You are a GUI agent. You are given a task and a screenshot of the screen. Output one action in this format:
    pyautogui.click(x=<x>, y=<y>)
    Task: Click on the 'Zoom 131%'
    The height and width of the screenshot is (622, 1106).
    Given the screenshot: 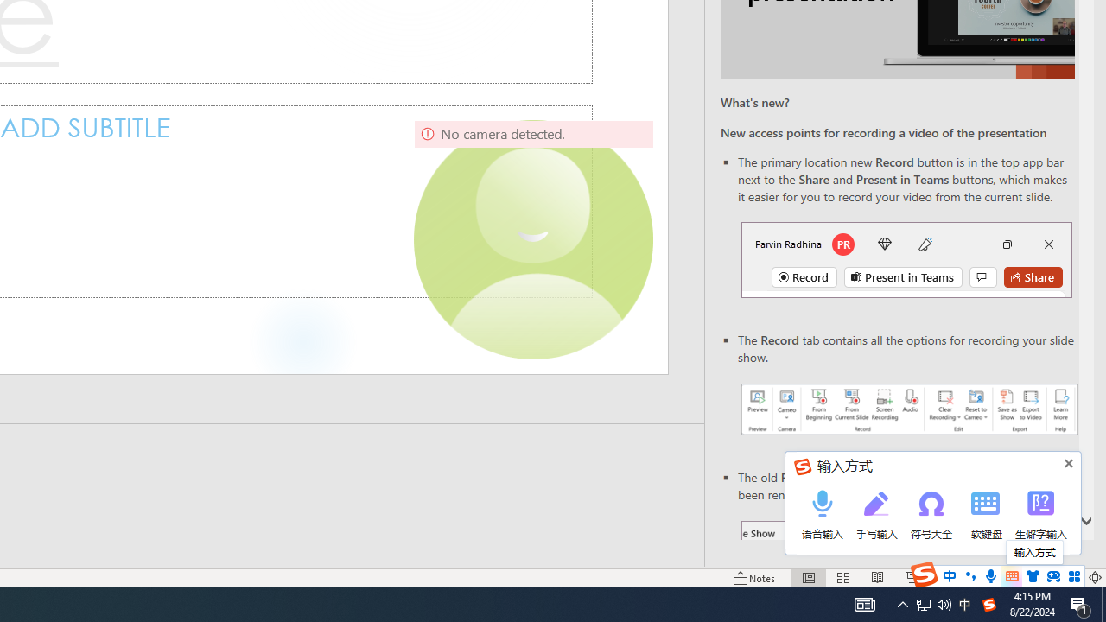 What is the action you would take?
    pyautogui.click(x=1065, y=578)
    